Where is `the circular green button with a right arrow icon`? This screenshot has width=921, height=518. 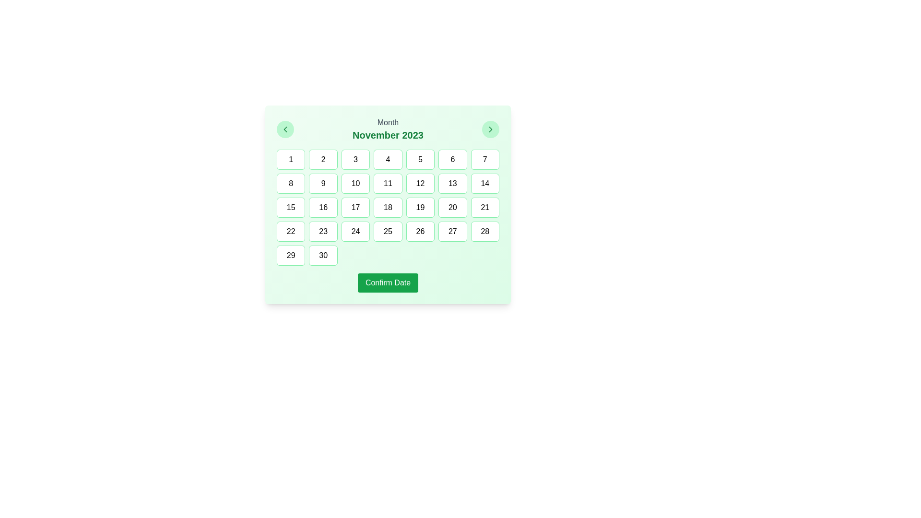
the circular green button with a right arrow icon is located at coordinates (490, 129).